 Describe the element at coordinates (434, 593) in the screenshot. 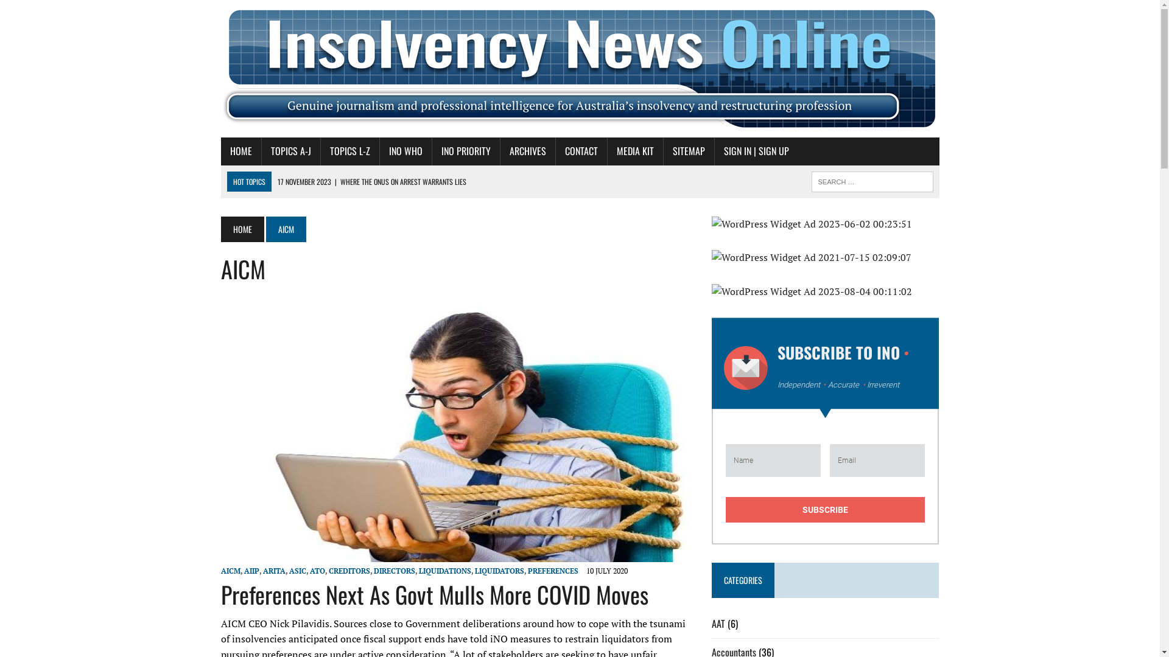

I see `'Preferences Next As Govt Mulls More COVID Moves'` at that location.